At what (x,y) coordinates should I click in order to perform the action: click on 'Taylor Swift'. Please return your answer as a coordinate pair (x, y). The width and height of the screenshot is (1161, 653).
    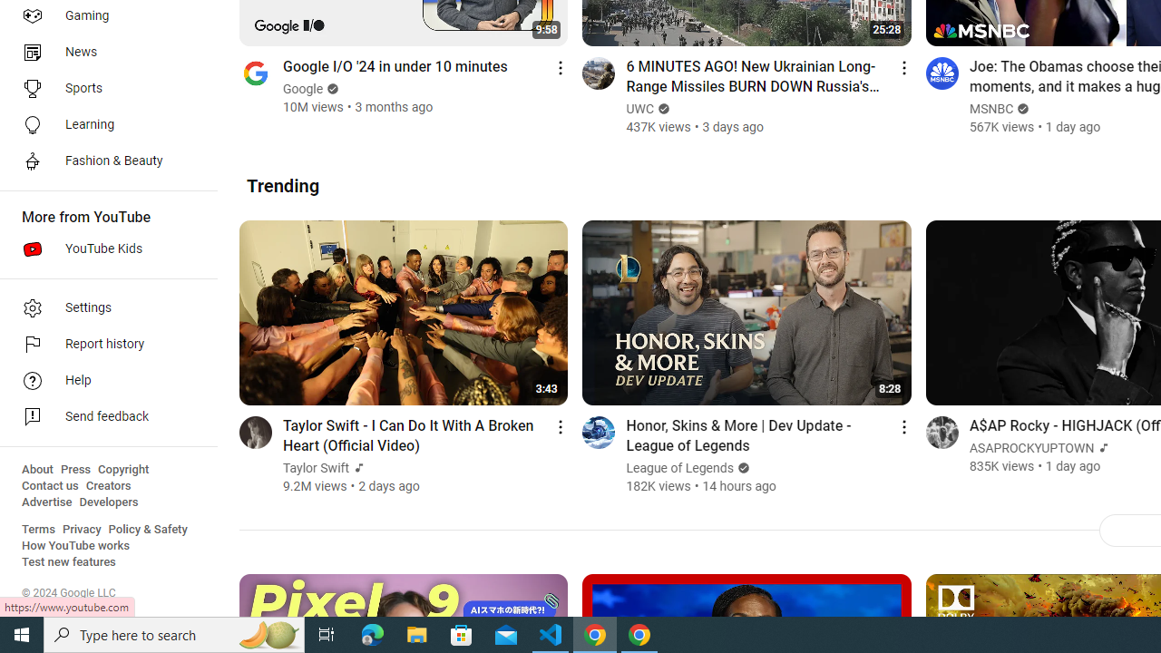
    Looking at the image, I should click on (317, 467).